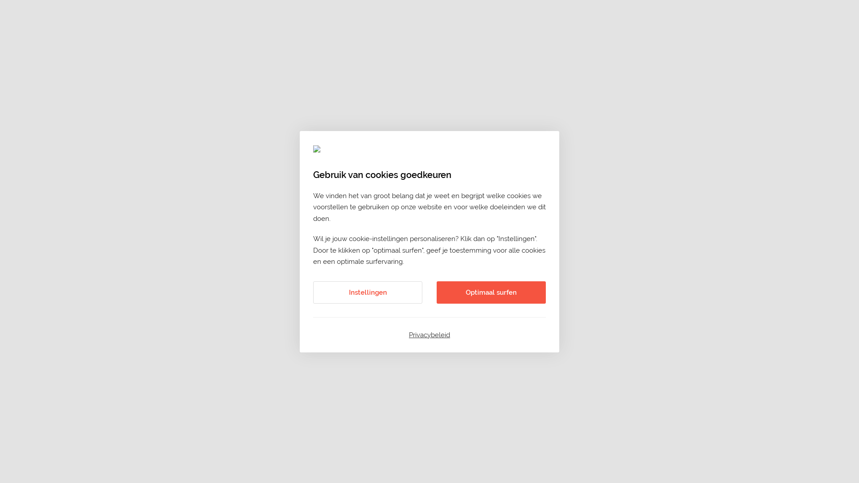  I want to click on 'Privacybeleid', so click(429, 335).